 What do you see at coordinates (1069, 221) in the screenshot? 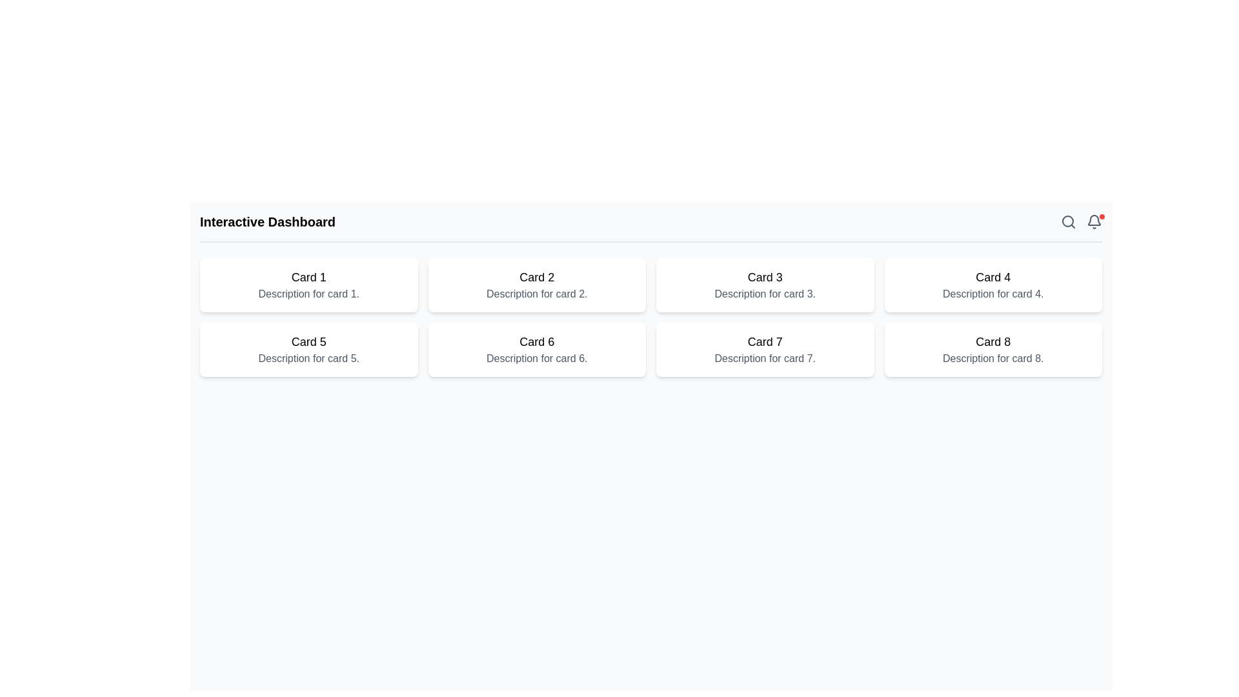
I see `the magnifying glass icon in the top-right corner of the interface to initiate search` at bounding box center [1069, 221].